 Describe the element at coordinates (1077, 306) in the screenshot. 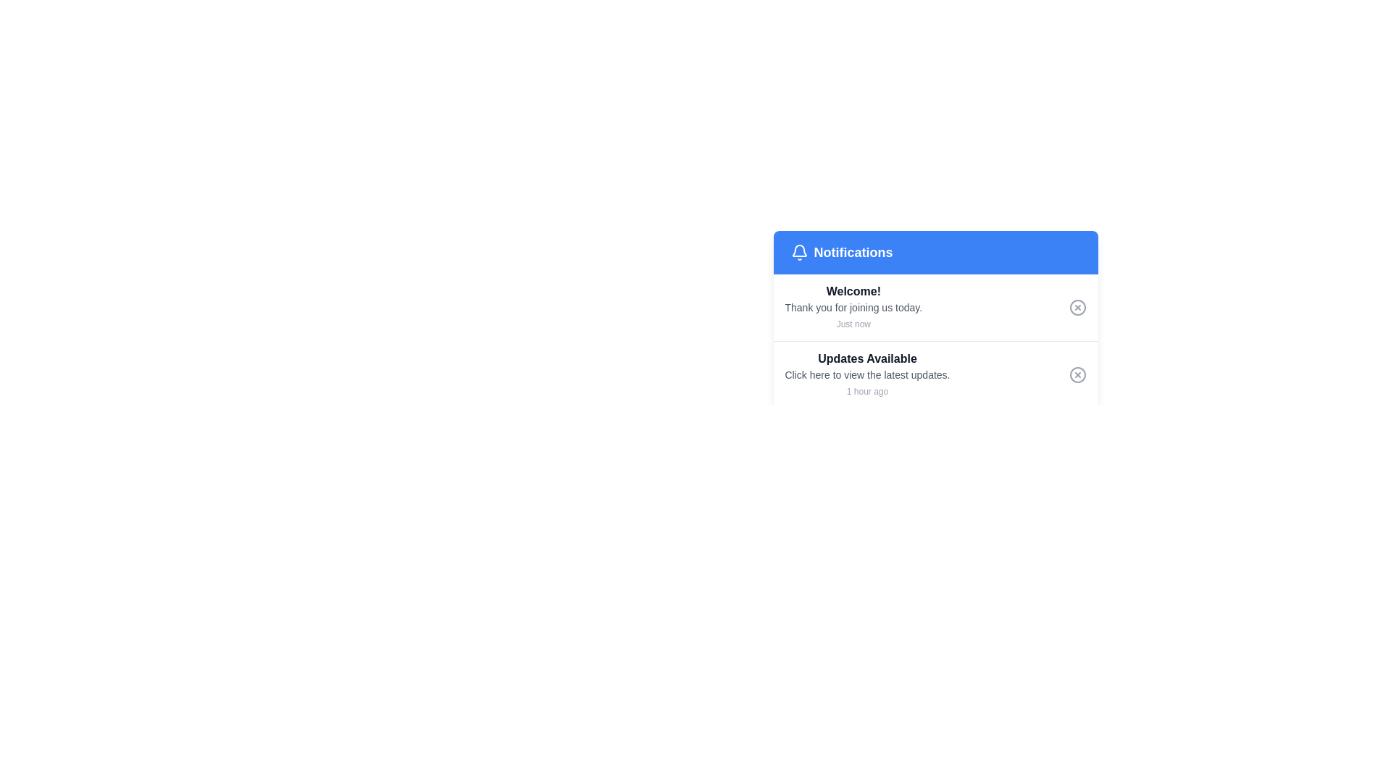

I see `the close button located in the top-right corner of the notification card that contains the message 'Welcome! Thank you for joining us today. Just now'` at that location.